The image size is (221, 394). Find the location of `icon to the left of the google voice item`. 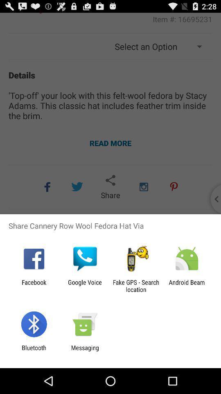

icon to the left of the google voice item is located at coordinates (34, 286).